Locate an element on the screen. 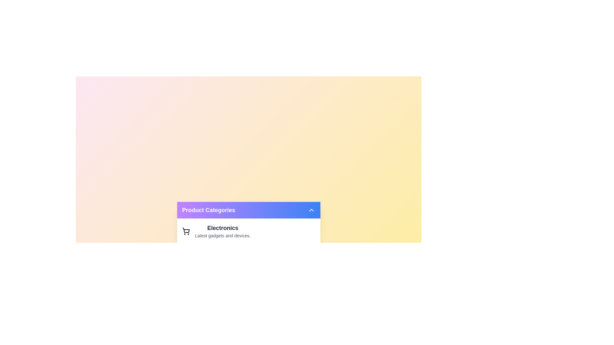 Image resolution: width=614 pixels, height=345 pixels. the product category item Electronics to observe hover effects is located at coordinates (185, 231).